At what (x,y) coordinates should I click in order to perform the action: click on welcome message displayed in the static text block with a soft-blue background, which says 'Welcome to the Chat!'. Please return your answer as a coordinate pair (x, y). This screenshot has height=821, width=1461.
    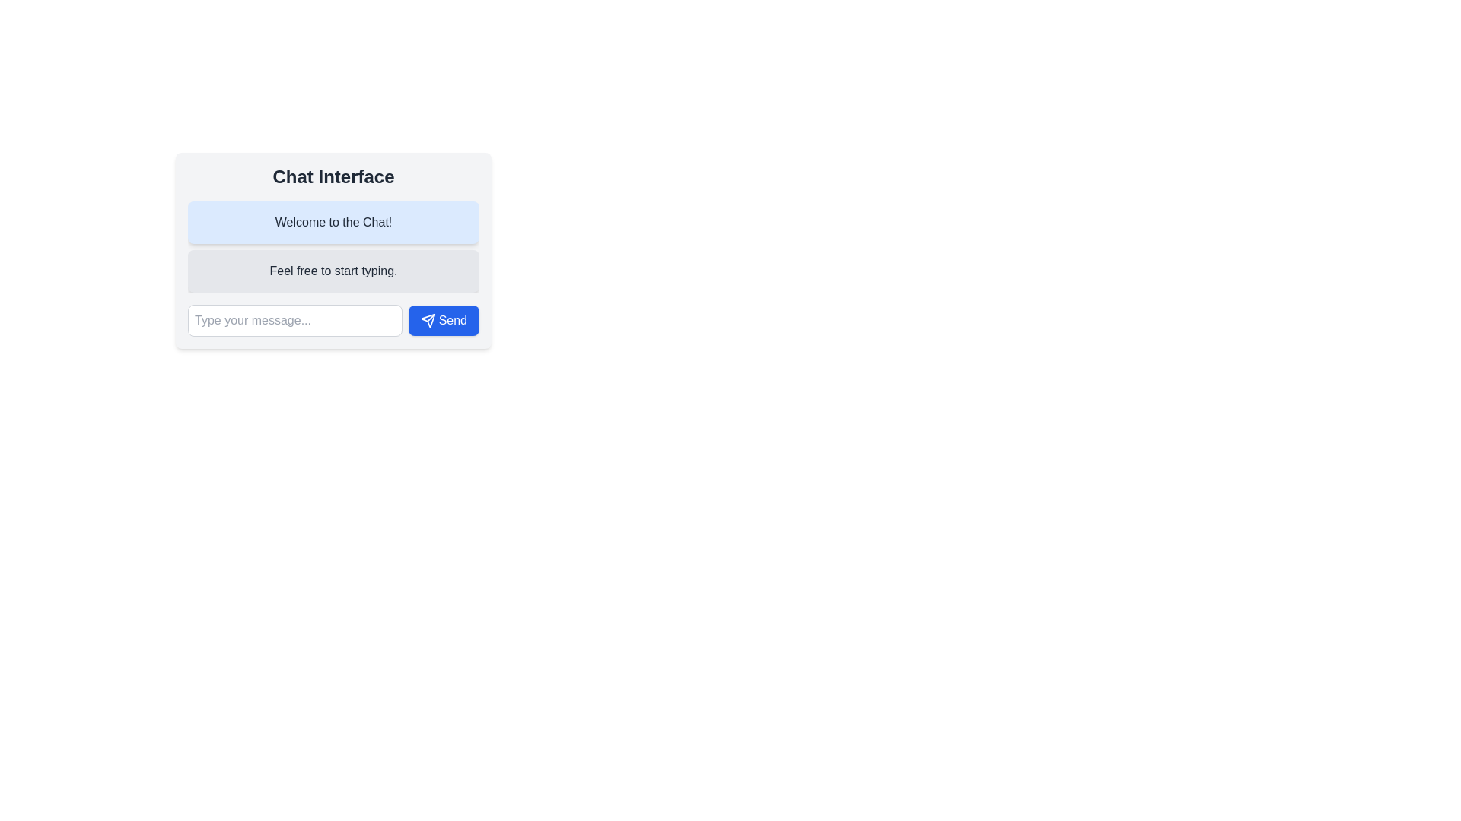
    Looking at the image, I should click on (333, 223).